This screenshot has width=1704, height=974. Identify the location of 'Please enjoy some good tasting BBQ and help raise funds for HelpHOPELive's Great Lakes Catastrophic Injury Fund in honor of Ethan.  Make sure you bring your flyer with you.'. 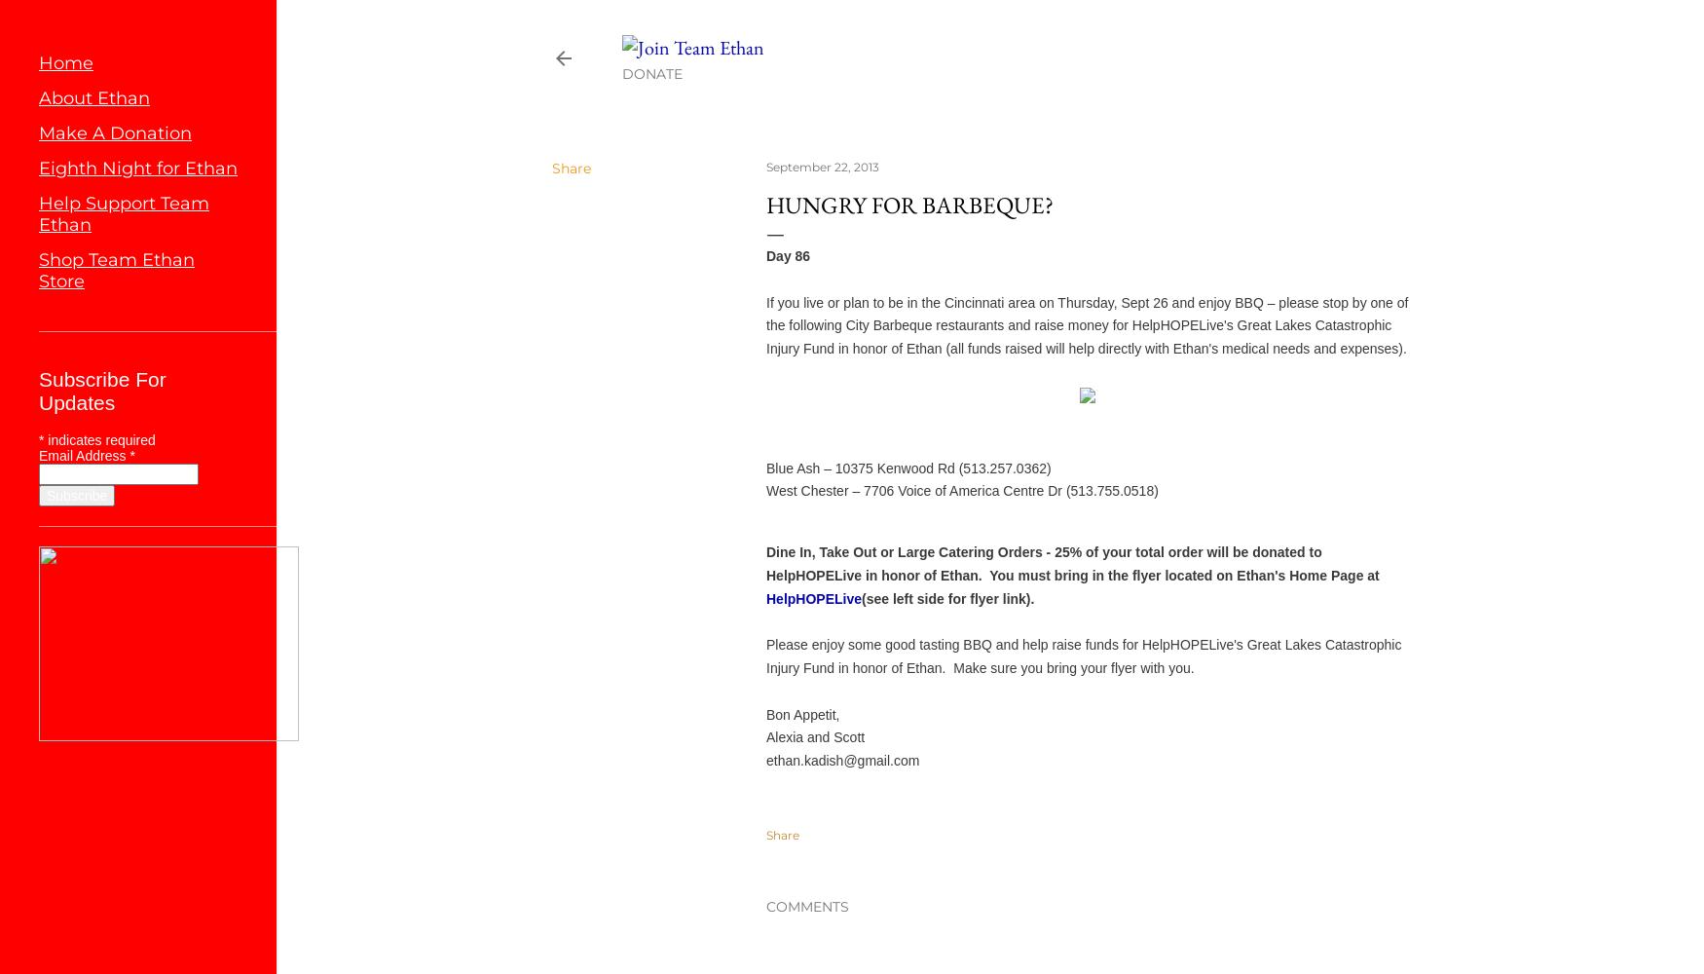
(1084, 656).